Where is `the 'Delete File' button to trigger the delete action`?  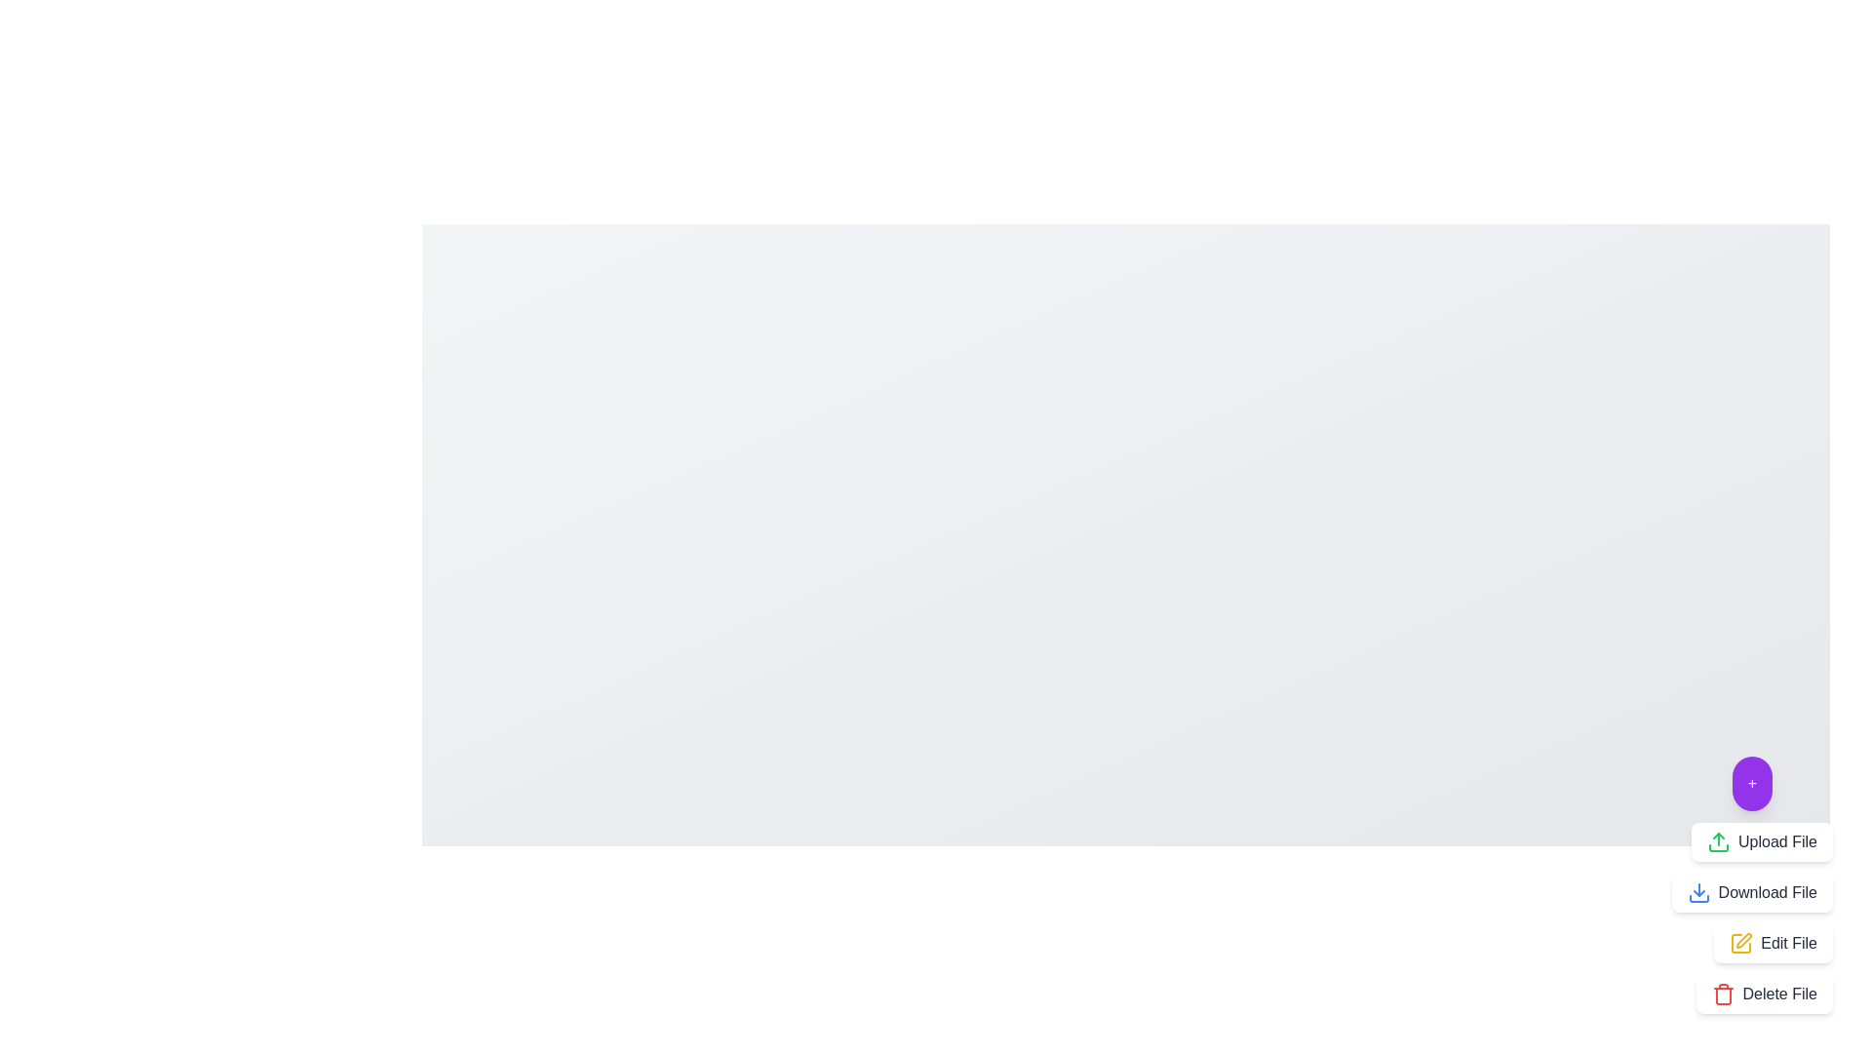
the 'Delete File' button to trigger the delete action is located at coordinates (1764, 994).